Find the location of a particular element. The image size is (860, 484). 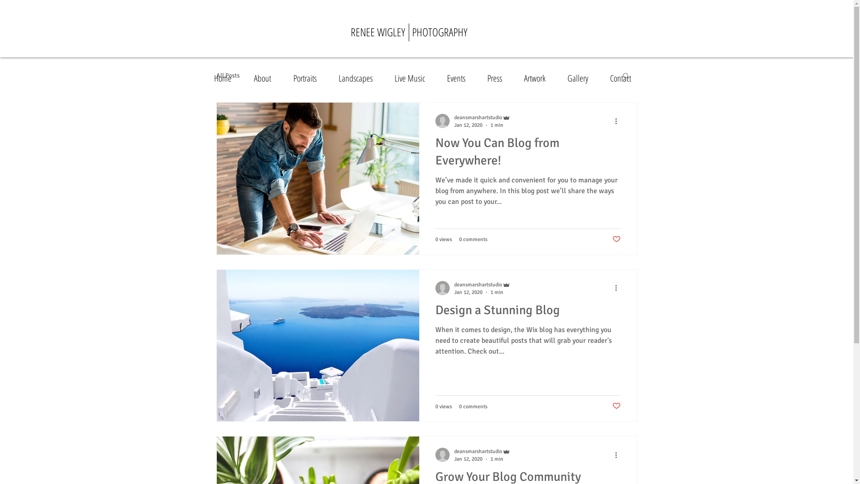

'About' is located at coordinates (247, 78).